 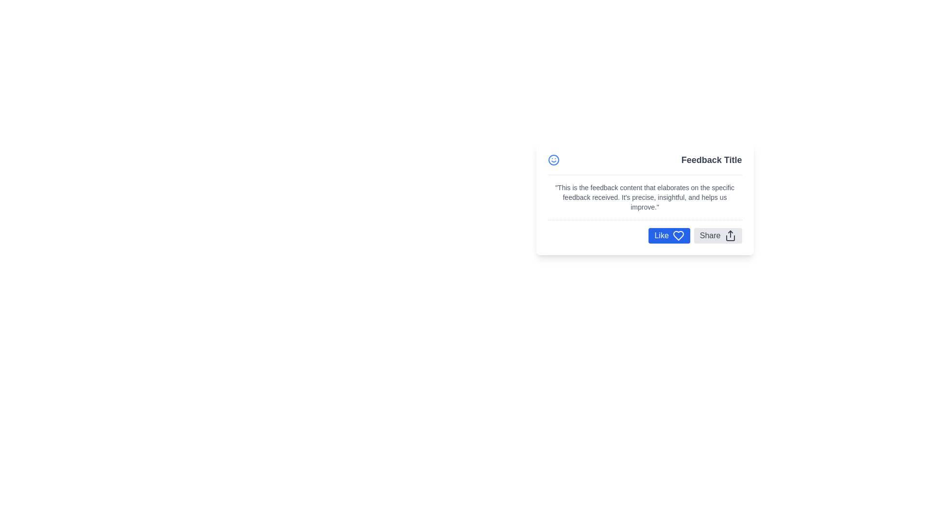 What do you see at coordinates (645, 236) in the screenshot?
I see `the 'Like' button within the composite interactive group at the bottom of the feedback card to express a positive response` at bounding box center [645, 236].